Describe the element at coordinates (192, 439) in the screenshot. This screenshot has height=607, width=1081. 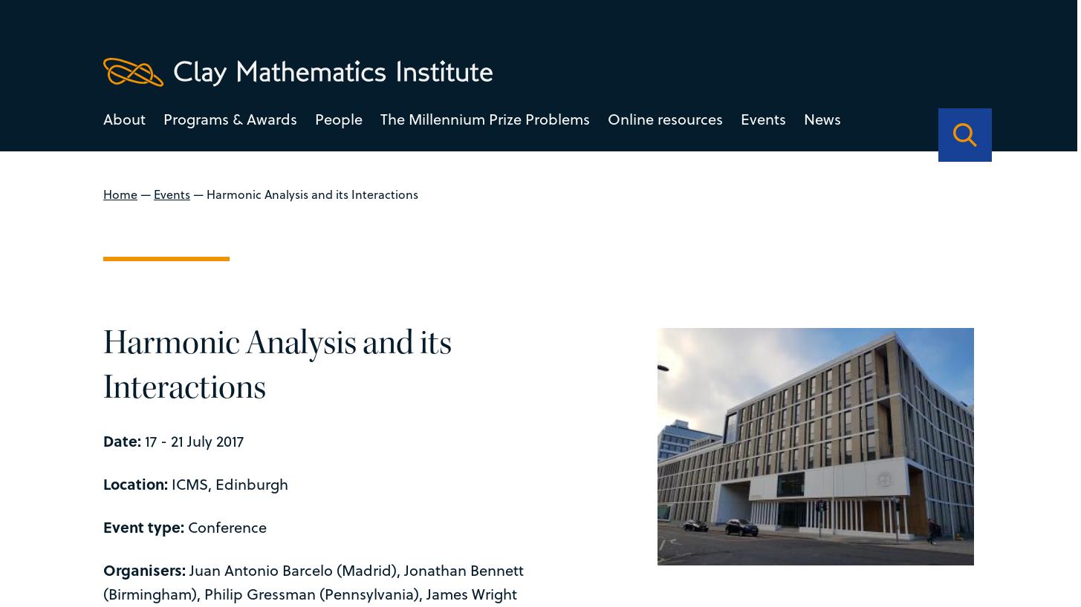
I see `'17 - 21  July 2017'` at that location.